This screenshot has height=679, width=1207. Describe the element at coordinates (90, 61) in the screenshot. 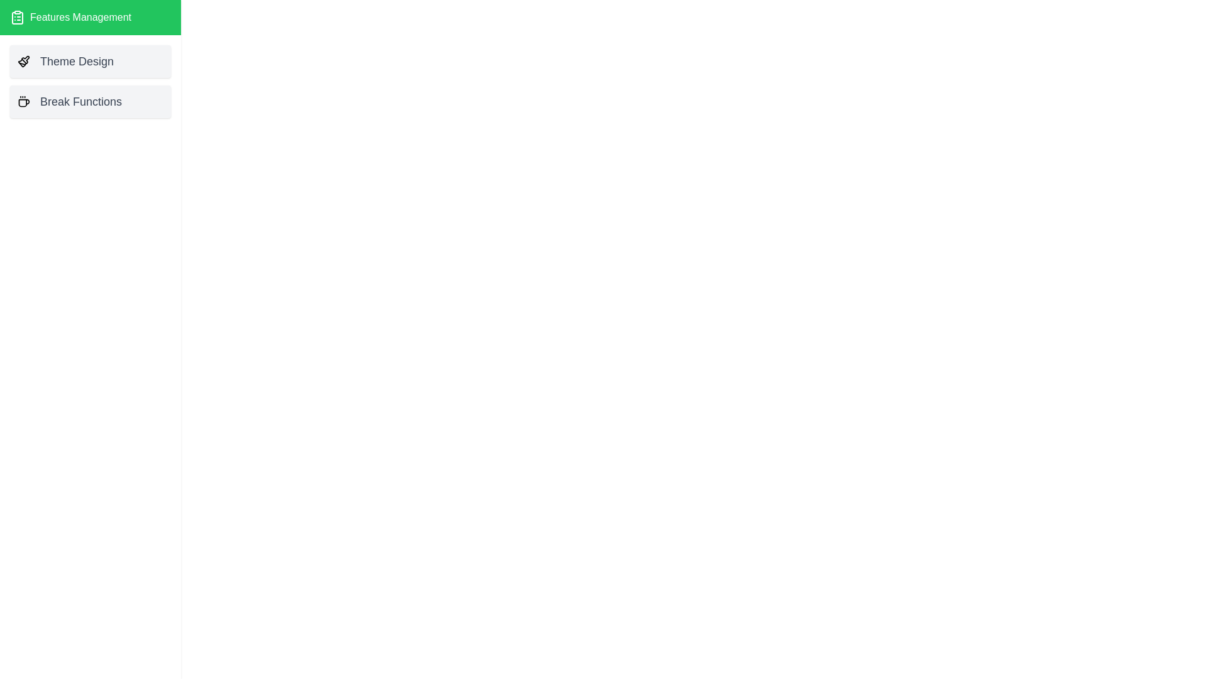

I see `the 'Theme Design' option to select it` at that location.